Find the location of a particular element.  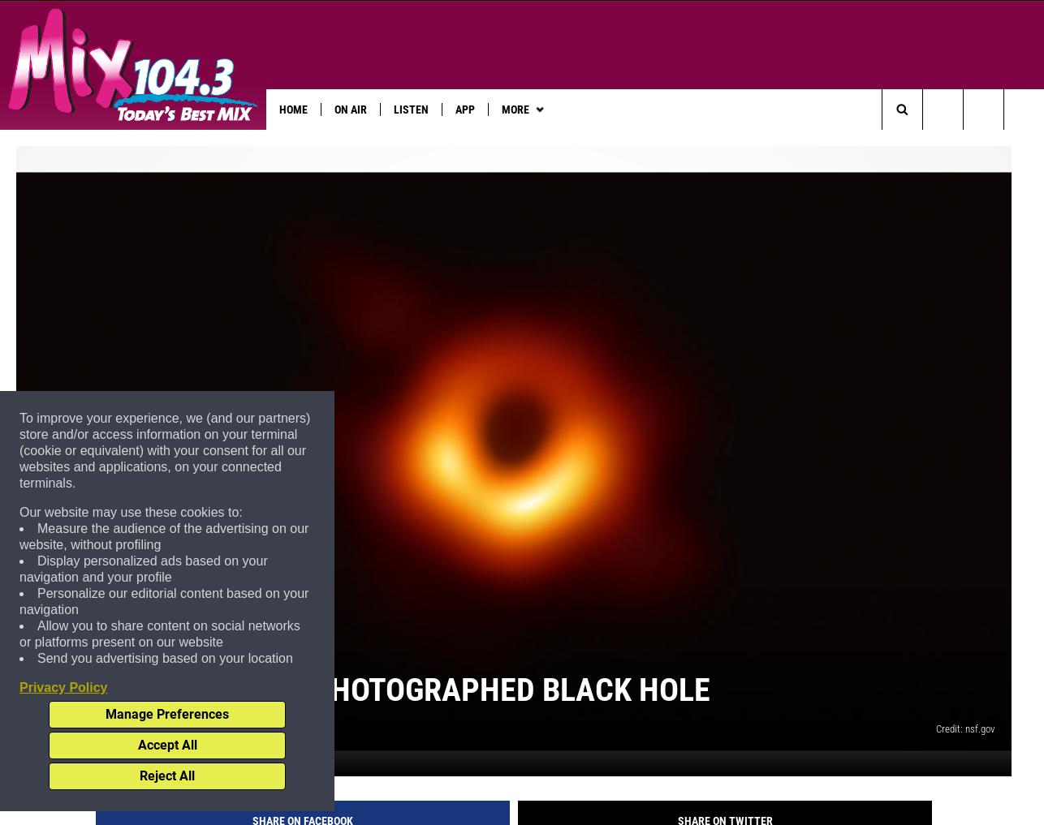

'Movember' is located at coordinates (569, 143).